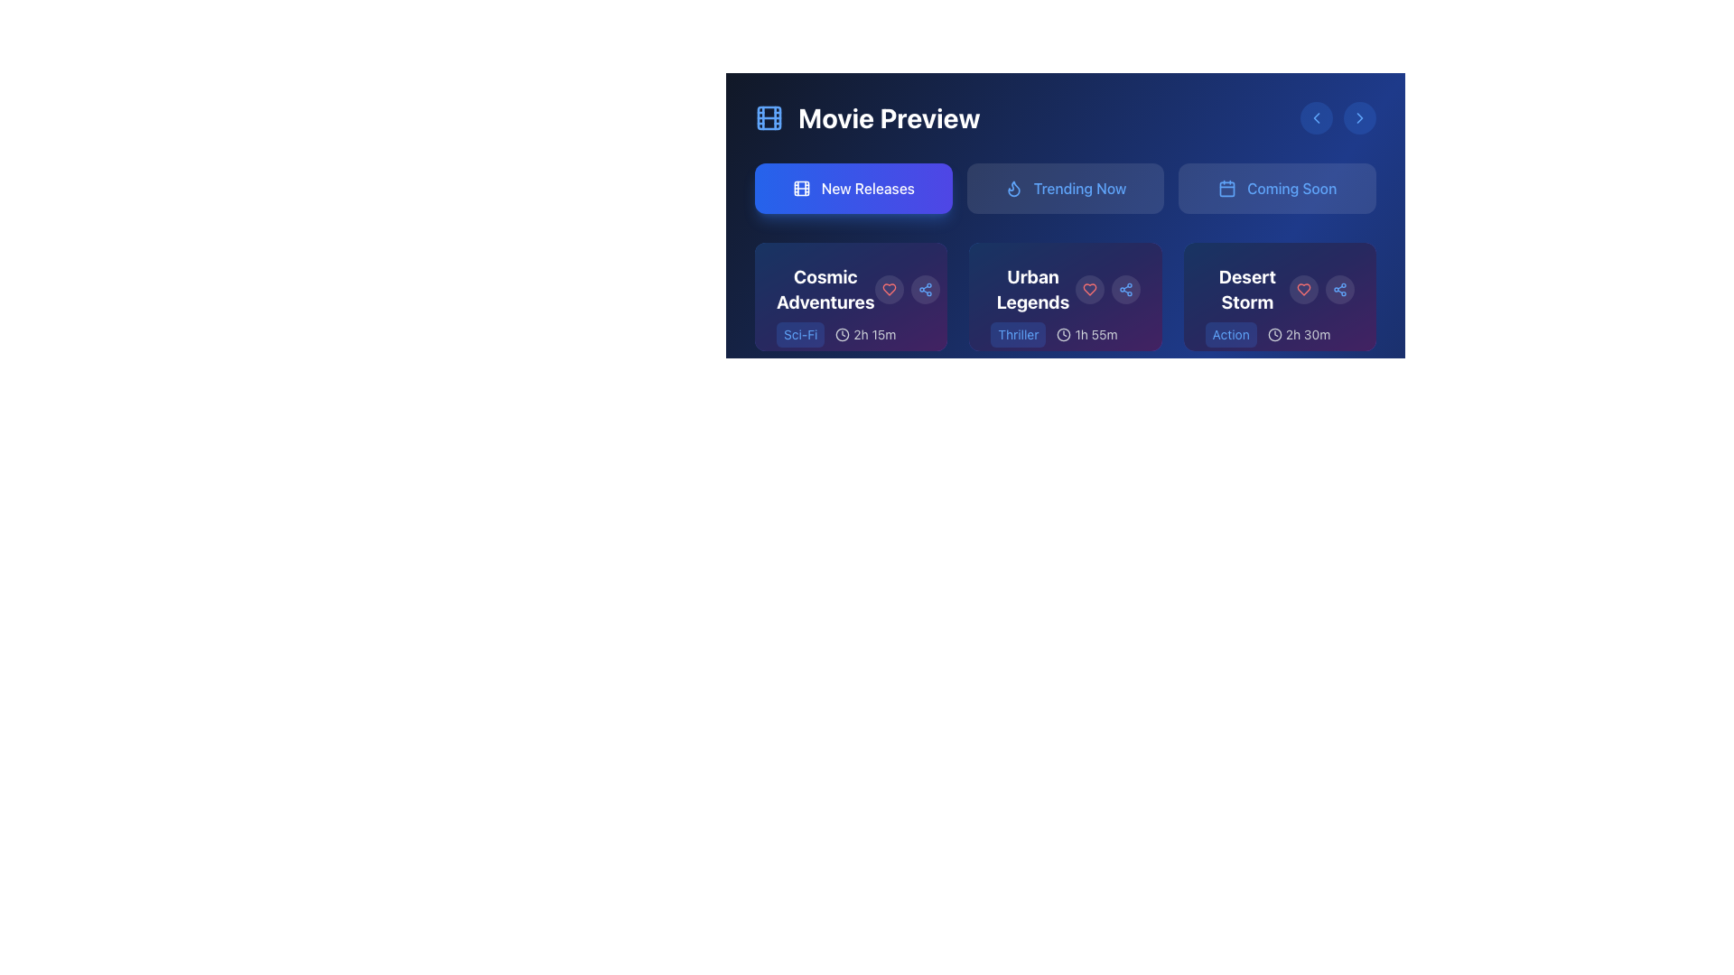 This screenshot has height=975, width=1734. I want to click on duration displayed in the text label showing '2h 15m', which is light gray and aligned with a clock icon at the bottom of the 'Cosmic Adventures' card, so click(874, 334).